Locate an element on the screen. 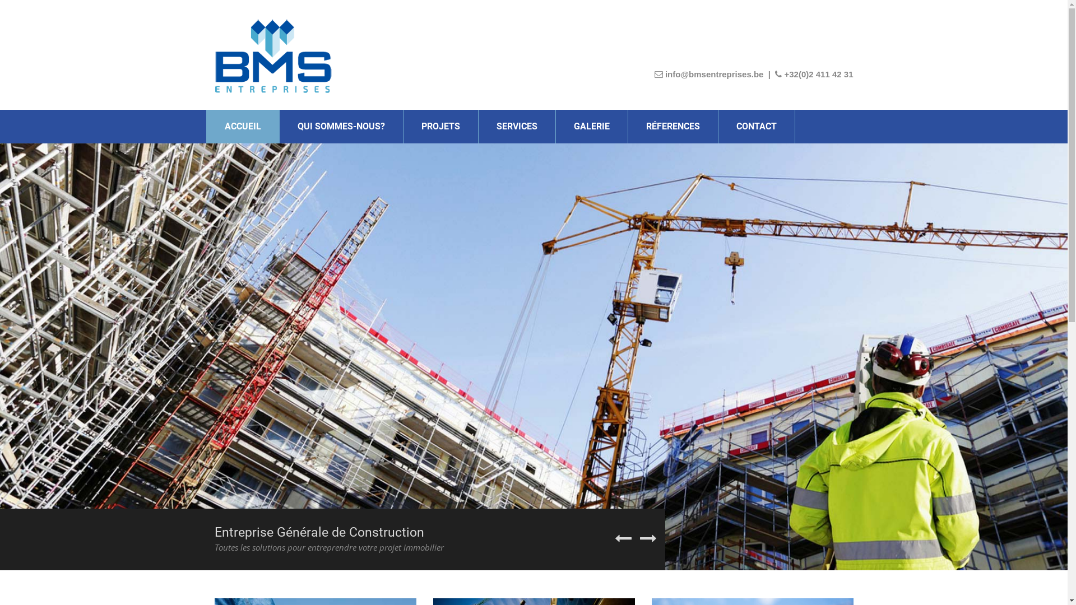 The height and width of the screenshot is (605, 1076). 'CONTACT' is located at coordinates (756, 126).